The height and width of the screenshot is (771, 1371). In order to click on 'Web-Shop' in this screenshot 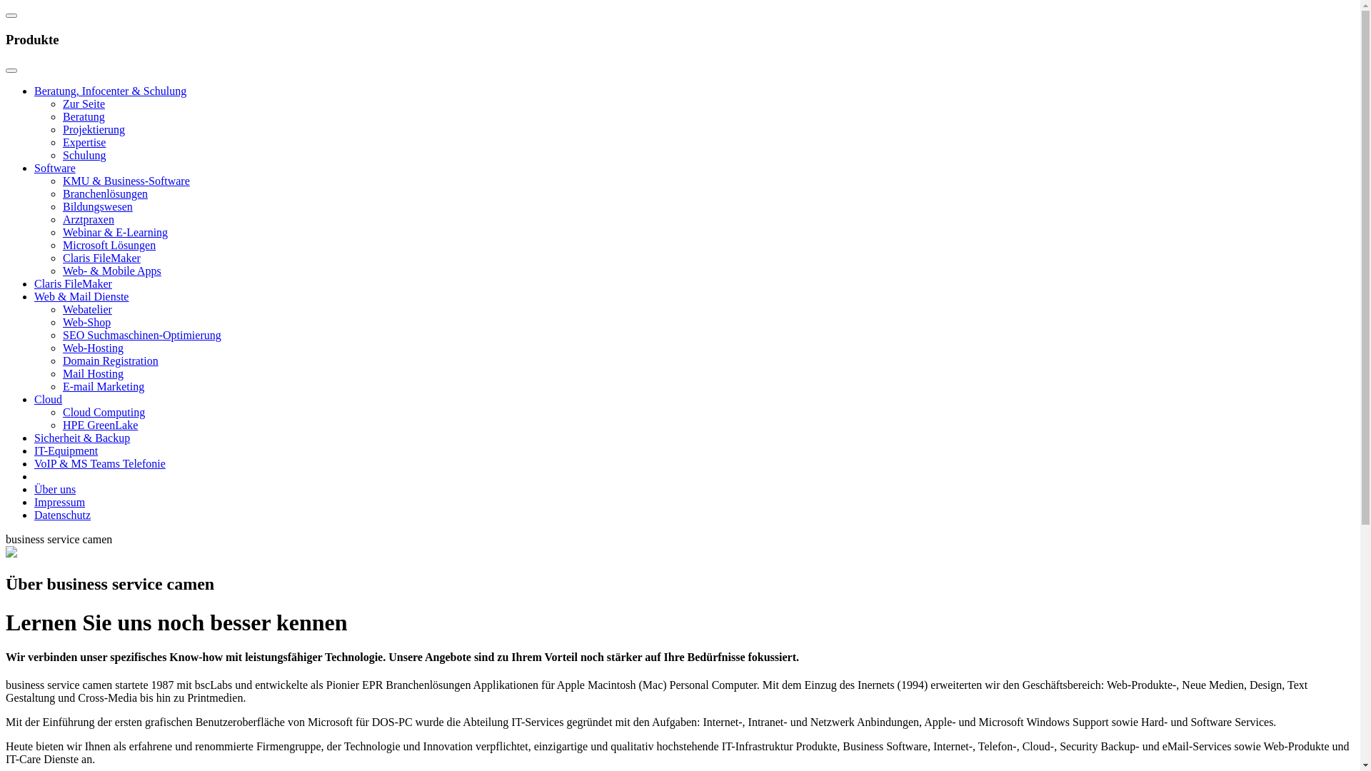, I will do `click(86, 322)`.